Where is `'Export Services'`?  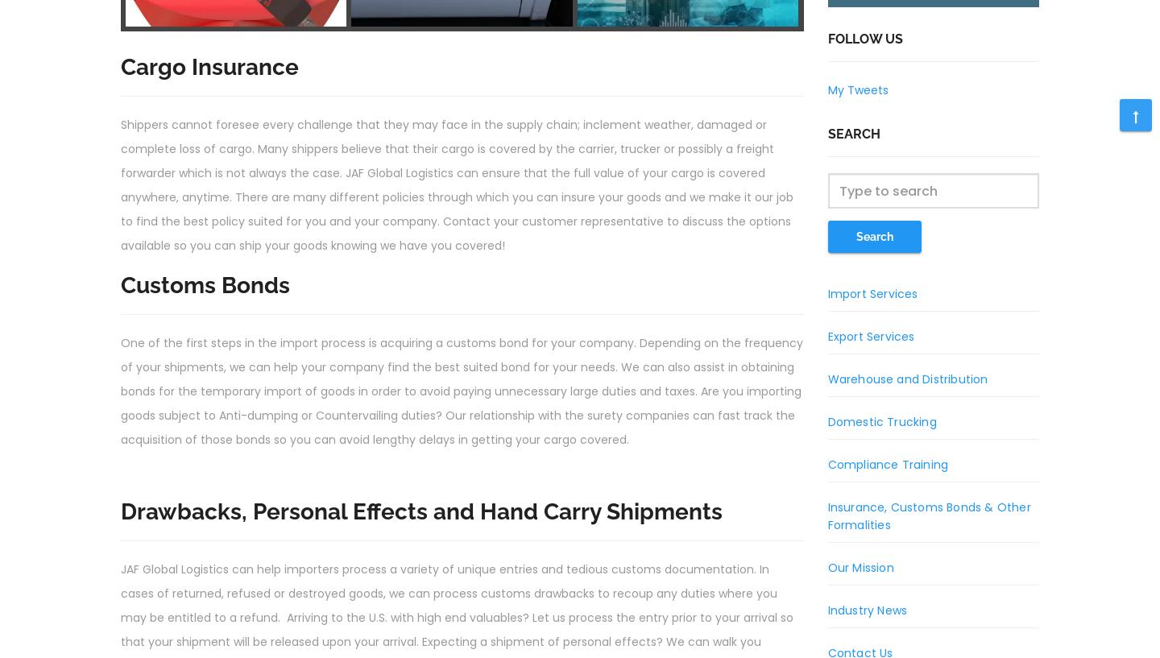
'Export Services' is located at coordinates (870, 336).